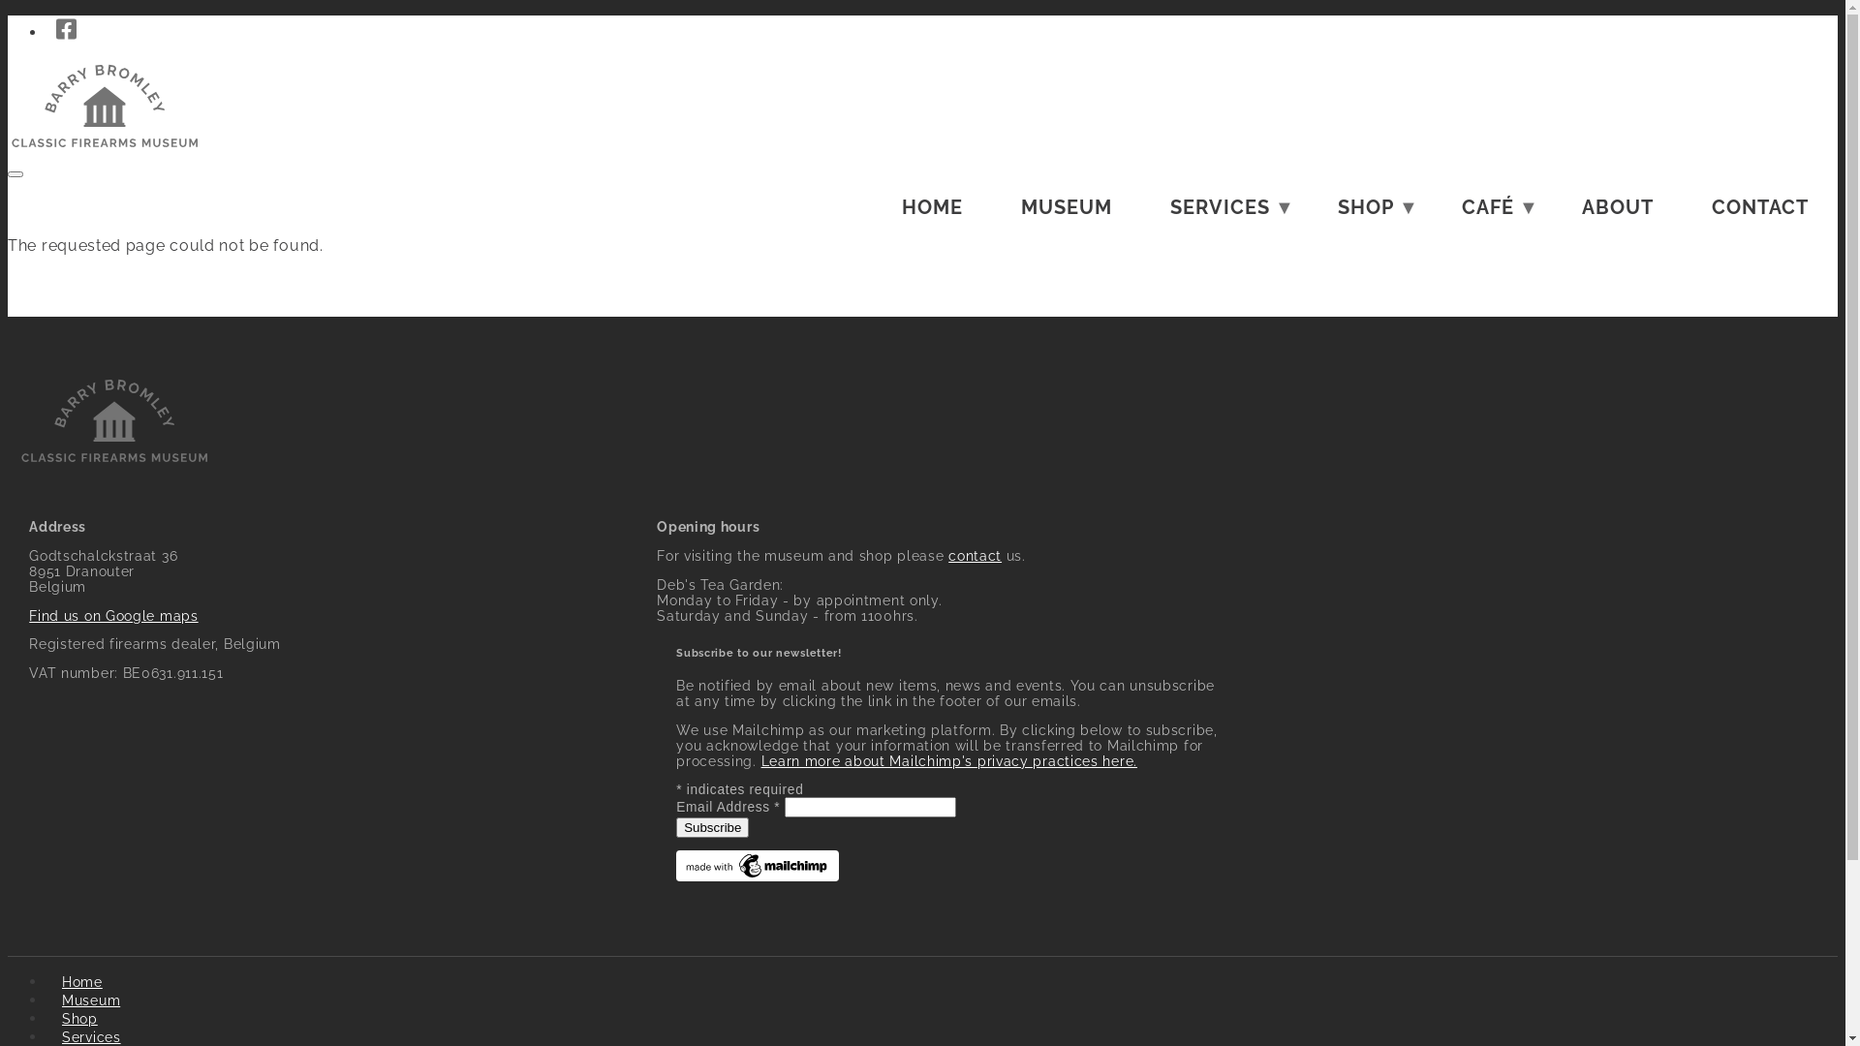  Describe the element at coordinates (1618, 206) in the screenshot. I see `'ABOUT'` at that location.